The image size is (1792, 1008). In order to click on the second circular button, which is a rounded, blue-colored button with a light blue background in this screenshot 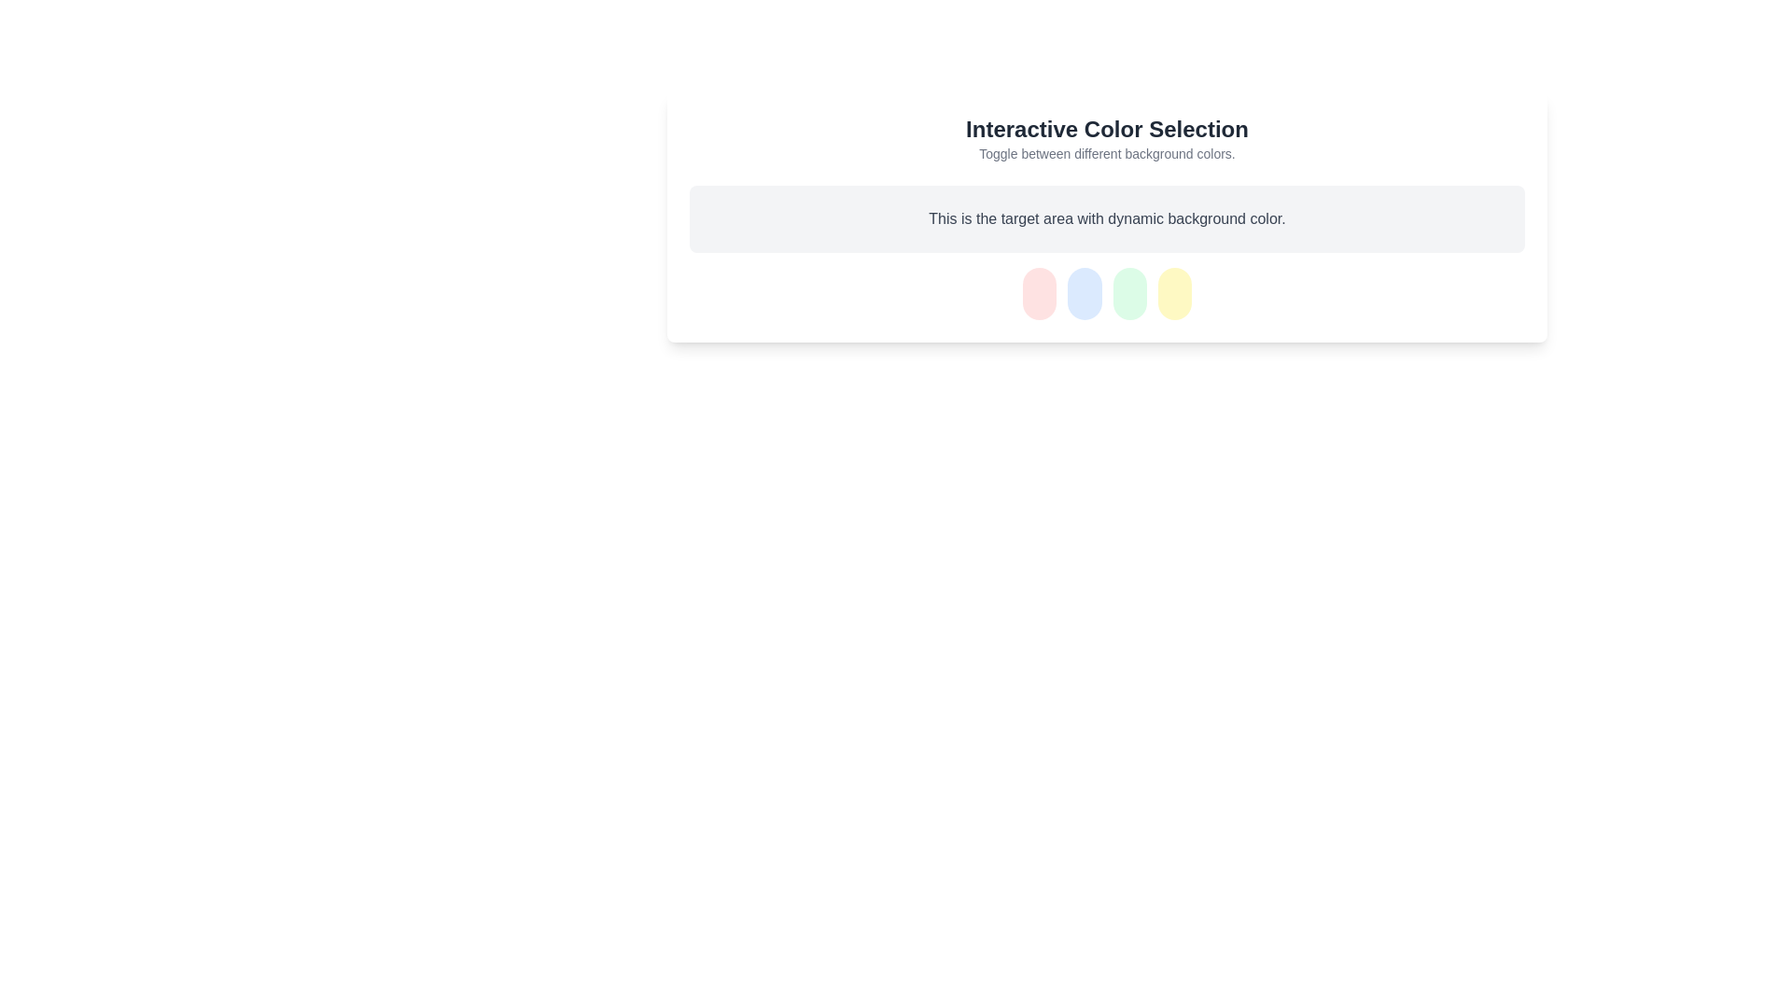, I will do `click(1085, 294)`.